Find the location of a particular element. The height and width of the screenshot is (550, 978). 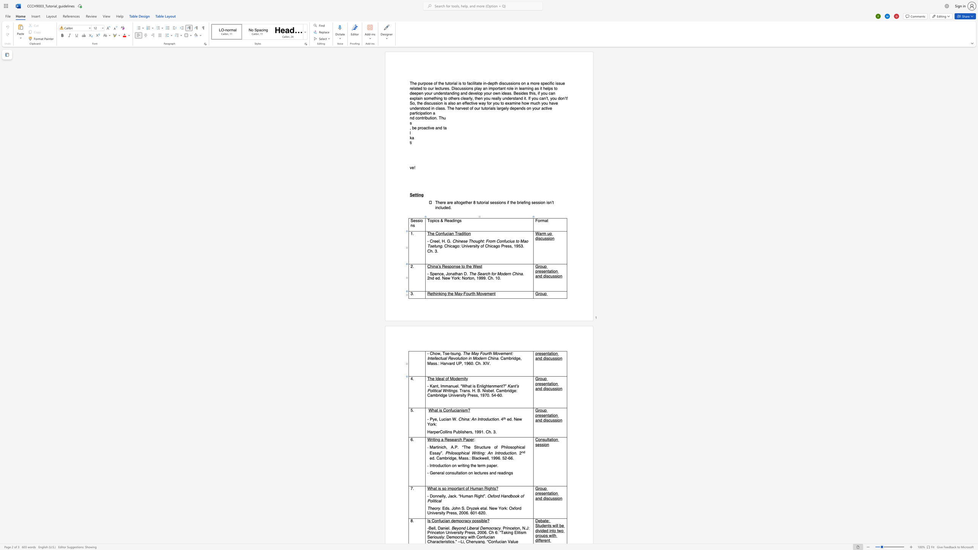

the 1th character "d" in the text is located at coordinates (437, 378).